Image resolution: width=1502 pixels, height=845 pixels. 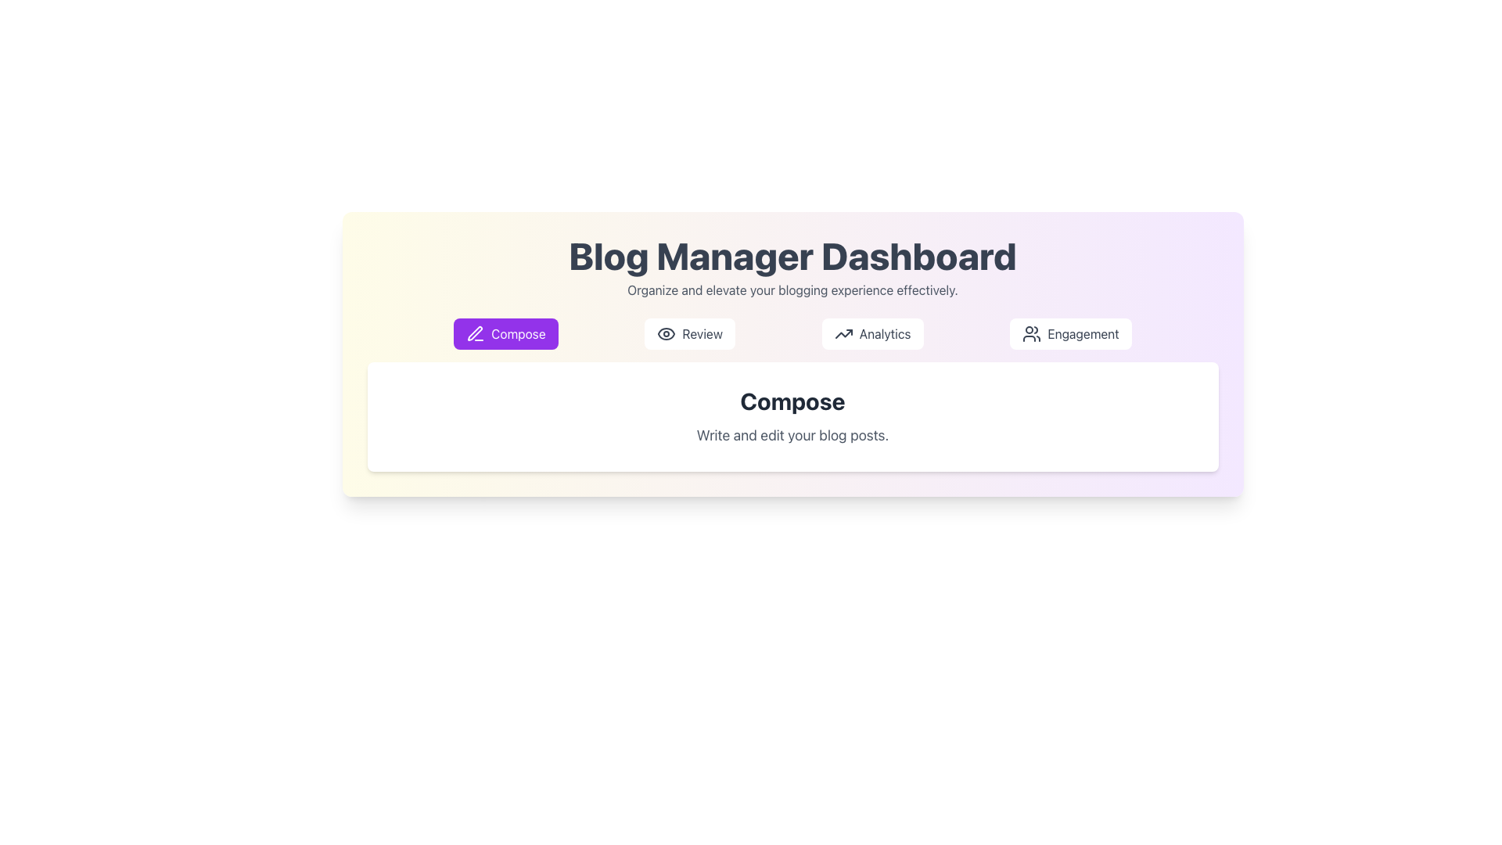 What do you see at coordinates (518, 333) in the screenshot?
I see `the button containing the label 'Compose', which is positioned to the right of an icon` at bounding box center [518, 333].